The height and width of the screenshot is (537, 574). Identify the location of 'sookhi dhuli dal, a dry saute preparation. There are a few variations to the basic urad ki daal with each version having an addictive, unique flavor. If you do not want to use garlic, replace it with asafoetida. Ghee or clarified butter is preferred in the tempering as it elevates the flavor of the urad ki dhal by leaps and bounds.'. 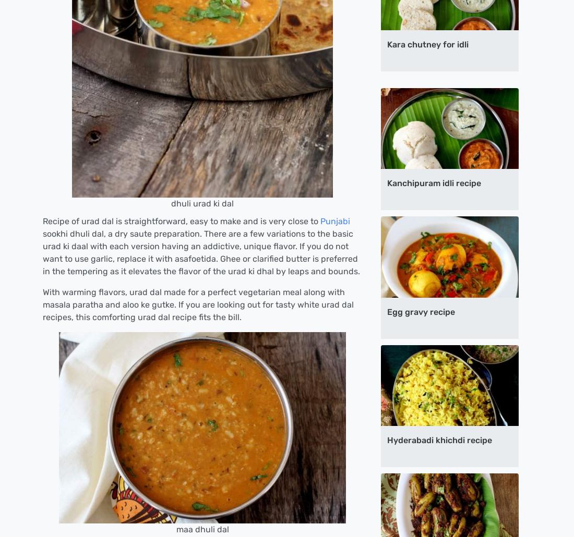
(201, 251).